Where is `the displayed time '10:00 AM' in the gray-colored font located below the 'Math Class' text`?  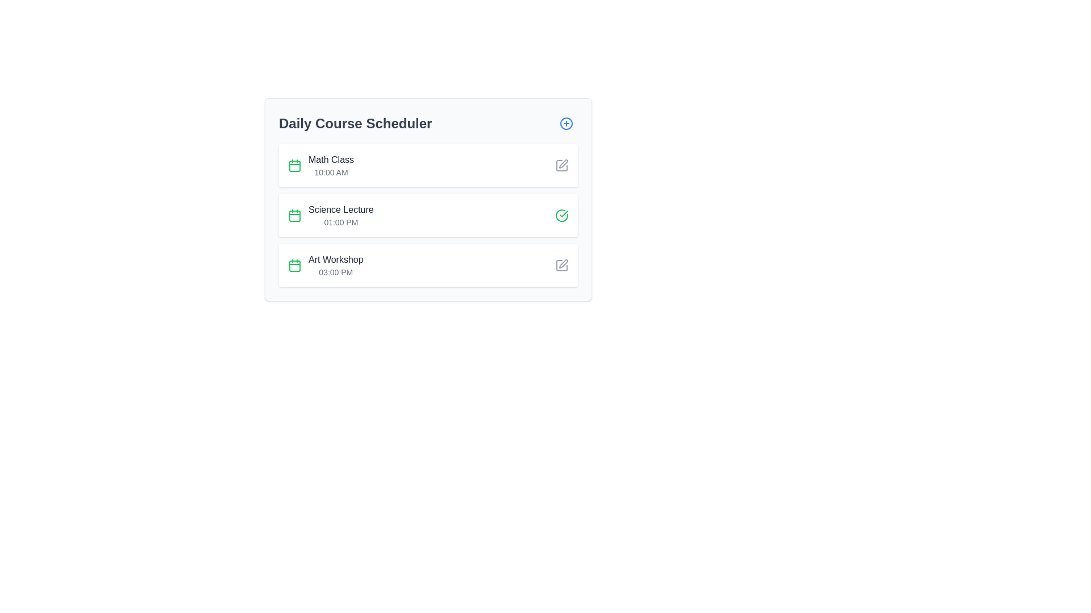 the displayed time '10:00 AM' in the gray-colored font located below the 'Math Class' text is located at coordinates (331, 173).